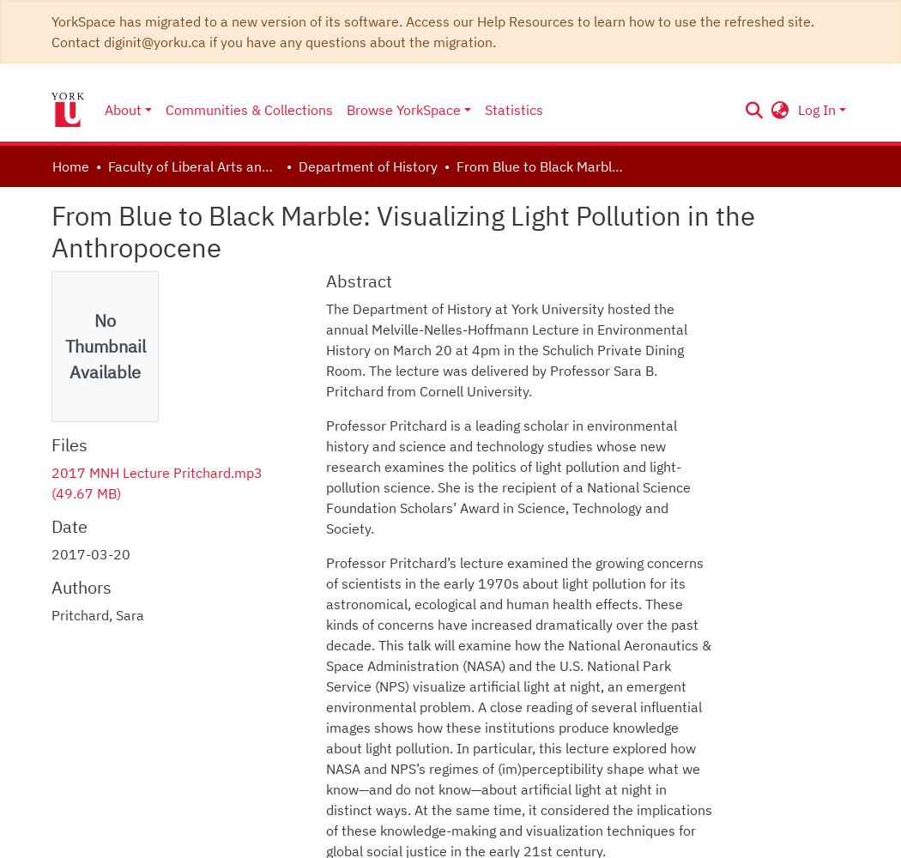  Describe the element at coordinates (402, 231) in the screenshot. I see `'From Blue to Black Marble: Visualizing Light Pollution in the Anthropocene'` at that location.